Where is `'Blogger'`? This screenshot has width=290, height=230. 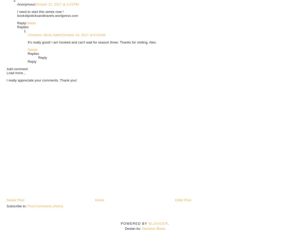
'Blogger' is located at coordinates (158, 223).